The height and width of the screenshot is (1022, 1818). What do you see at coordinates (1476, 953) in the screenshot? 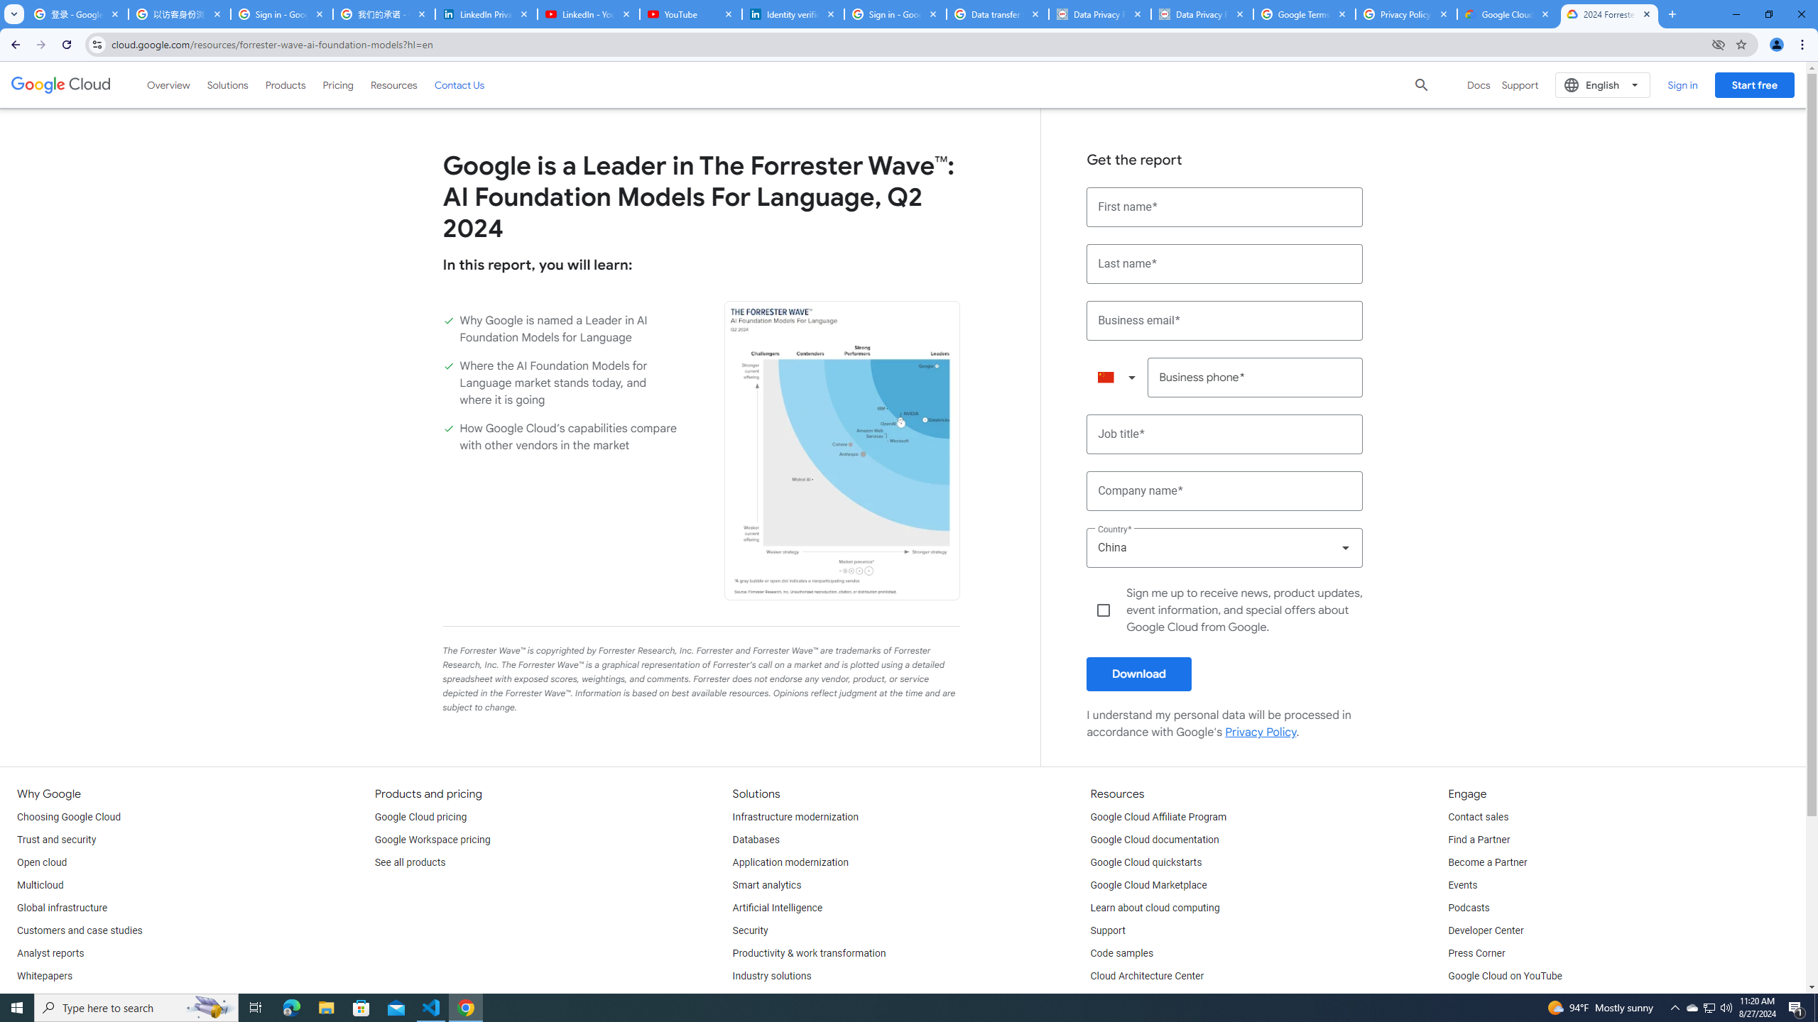
I see `'Press Corner'` at bounding box center [1476, 953].